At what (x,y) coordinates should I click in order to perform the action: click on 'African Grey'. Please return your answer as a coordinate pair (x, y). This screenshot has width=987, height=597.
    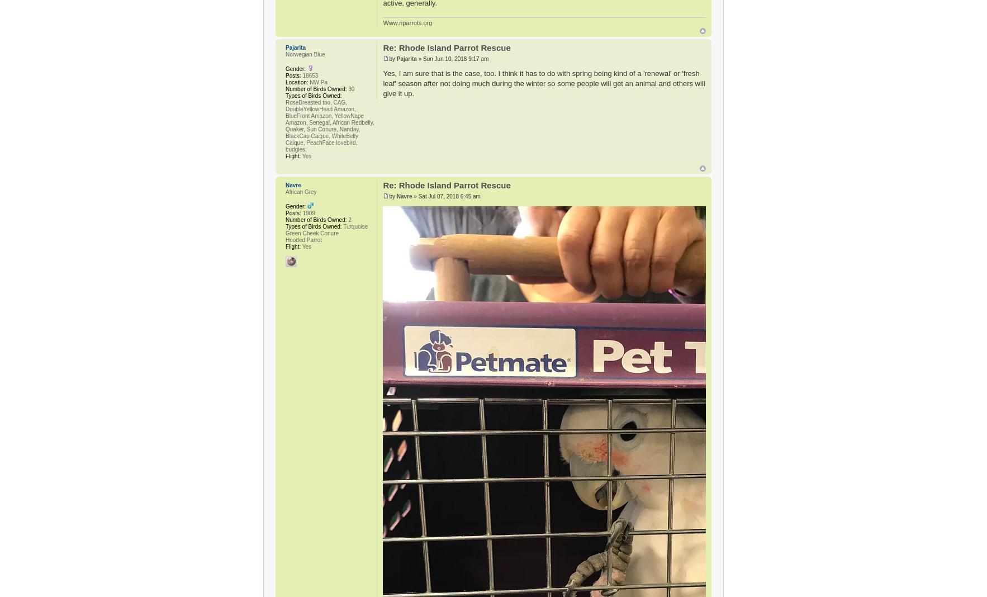
    Looking at the image, I should click on (301, 191).